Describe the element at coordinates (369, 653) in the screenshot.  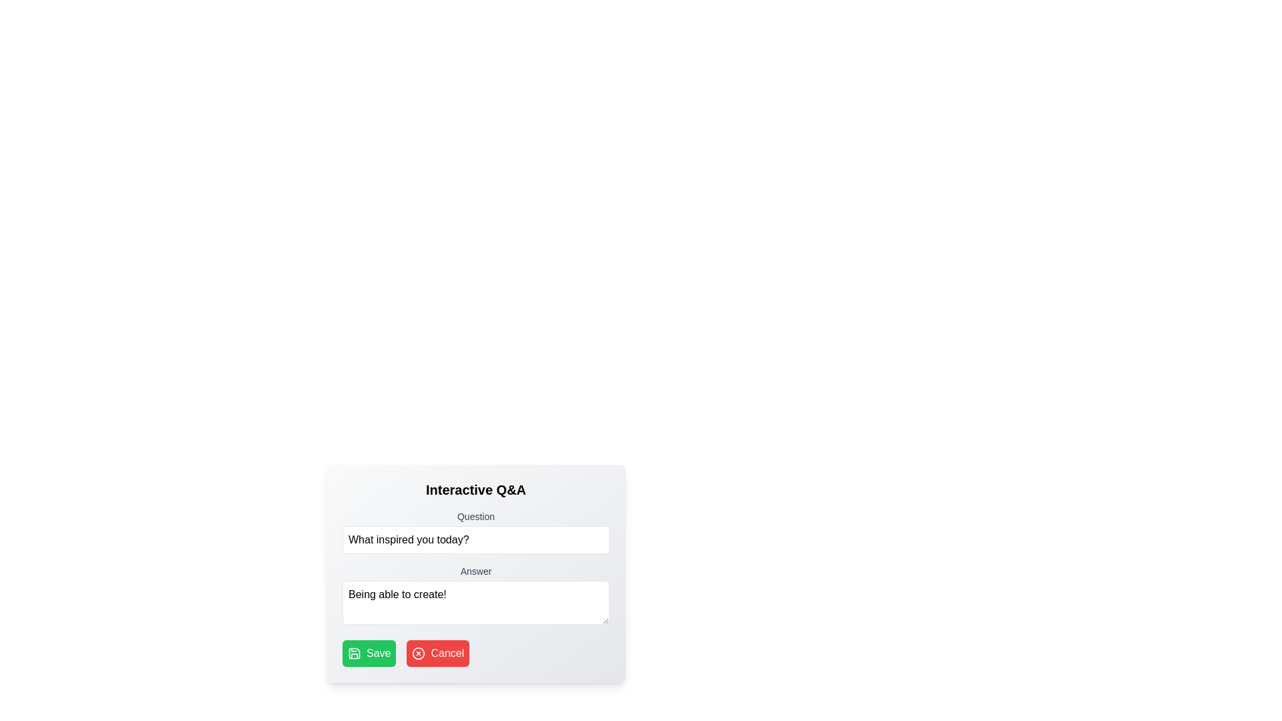
I see `the 'Save' button with a green background and white text` at that location.